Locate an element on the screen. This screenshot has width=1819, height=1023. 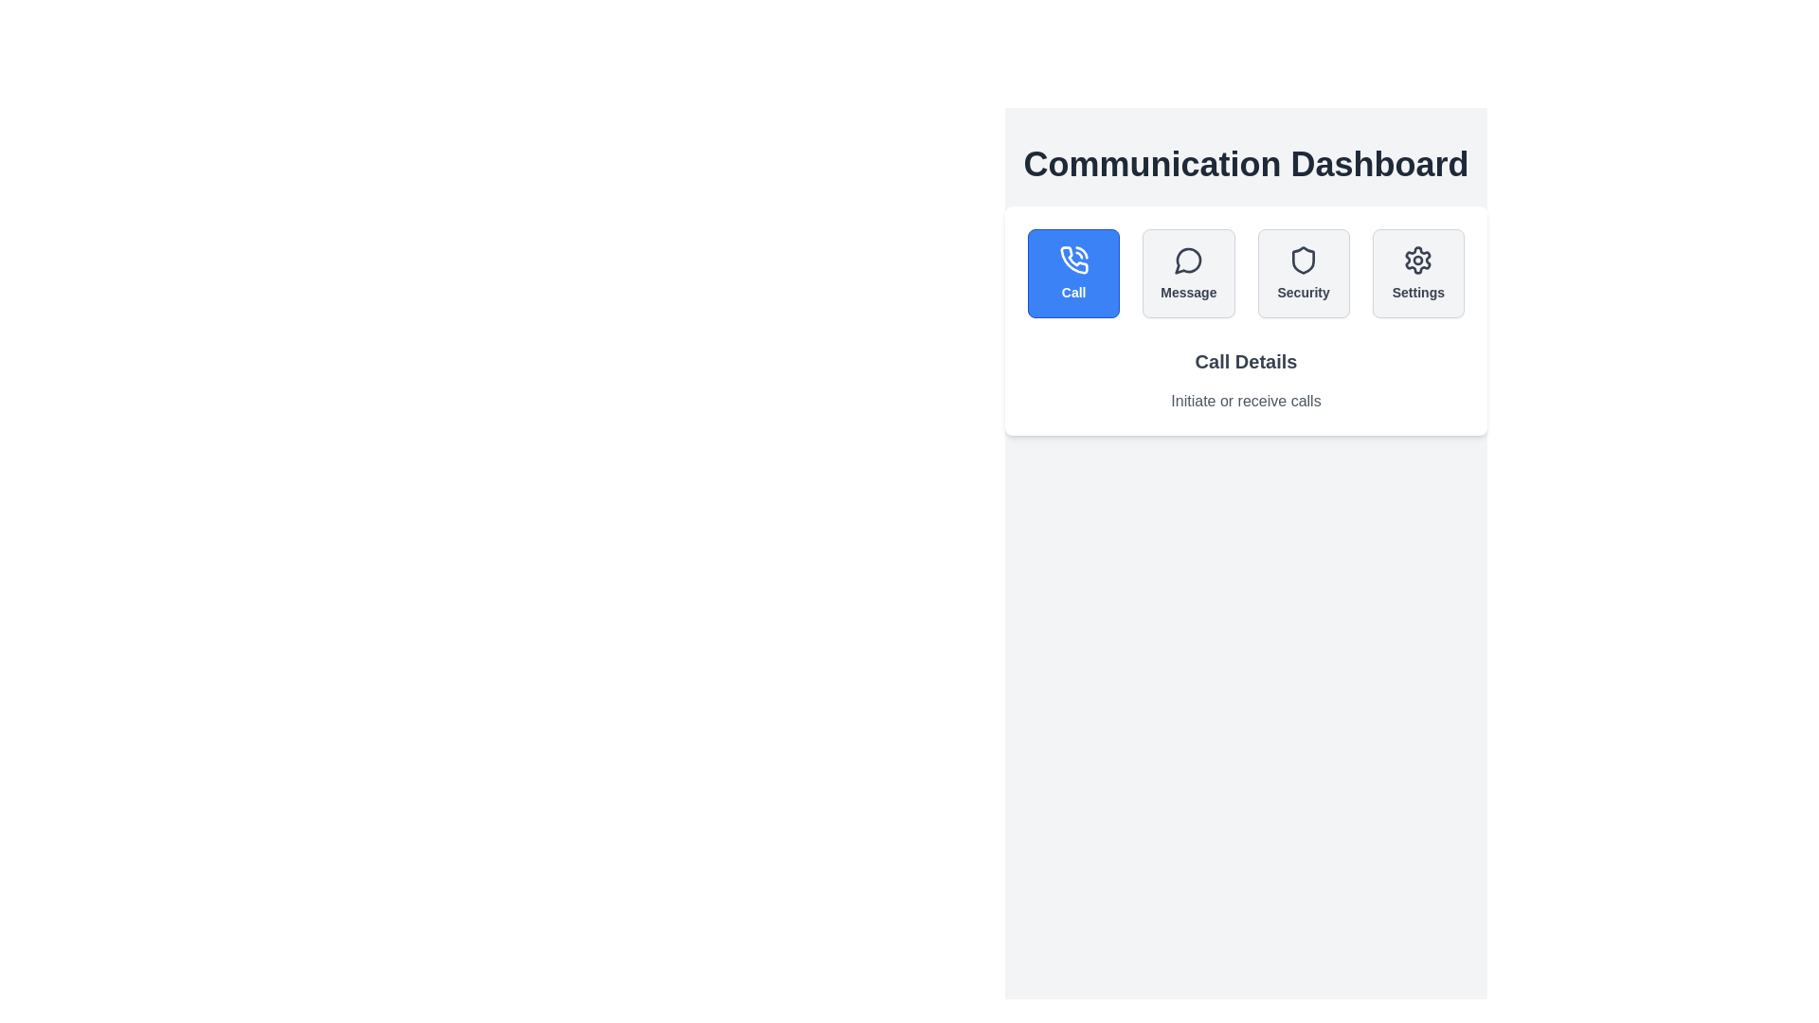
the settings button located at the rightmost position of the horizontal row of four buttons under the 'Communication Dashboard' heading is located at coordinates (1418, 274).